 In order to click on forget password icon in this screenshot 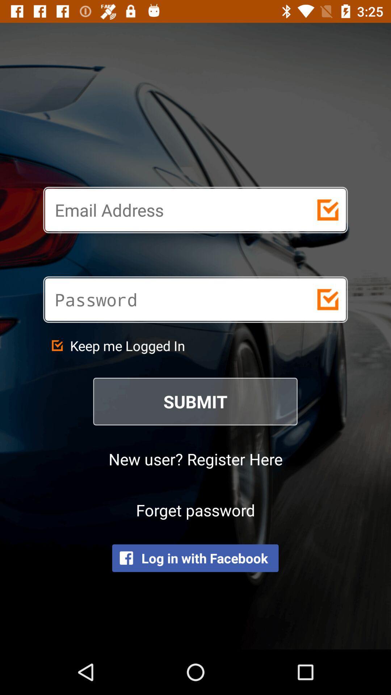, I will do `click(195, 509)`.